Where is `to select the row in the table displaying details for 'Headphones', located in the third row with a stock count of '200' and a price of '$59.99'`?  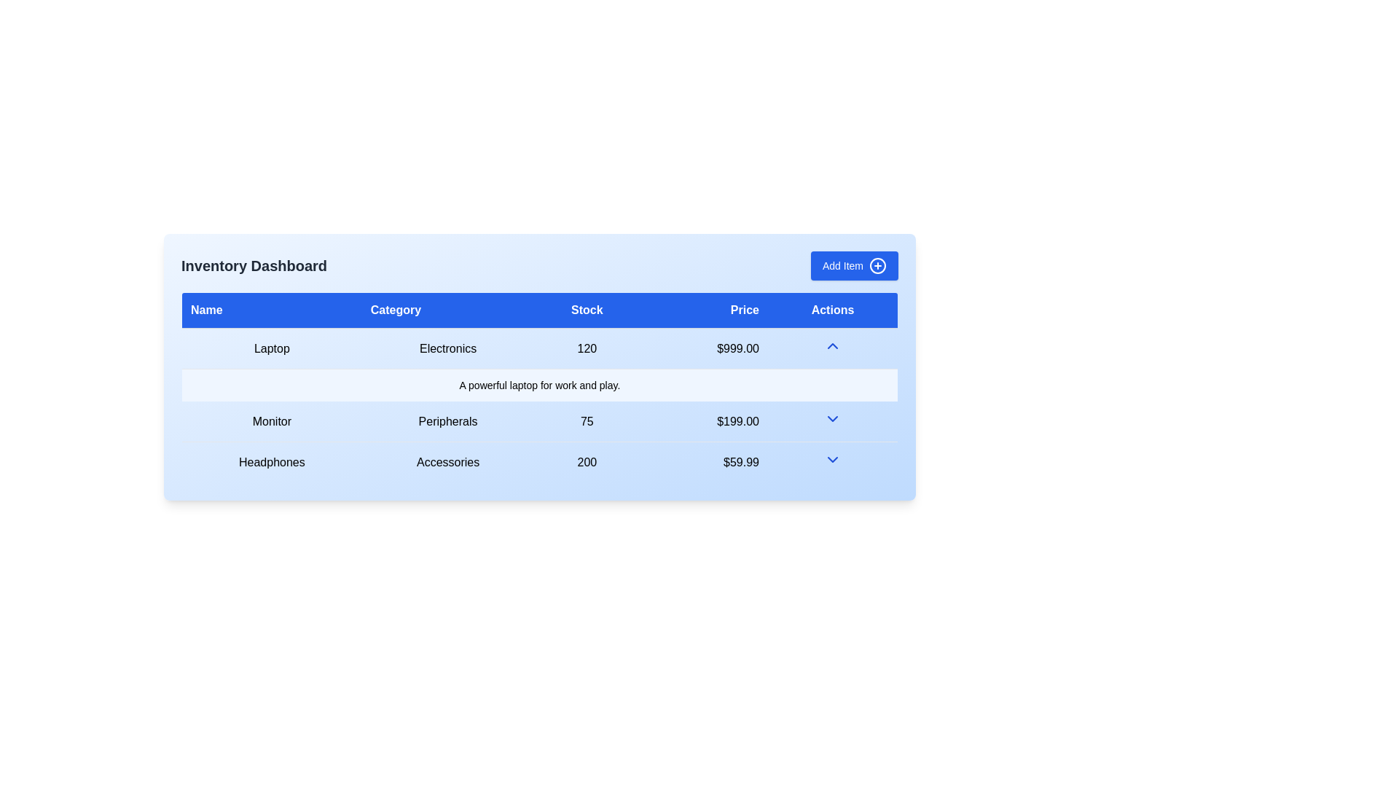 to select the row in the table displaying details for 'Headphones', located in the third row with a stock count of '200' and a price of '$59.99' is located at coordinates (538, 461).